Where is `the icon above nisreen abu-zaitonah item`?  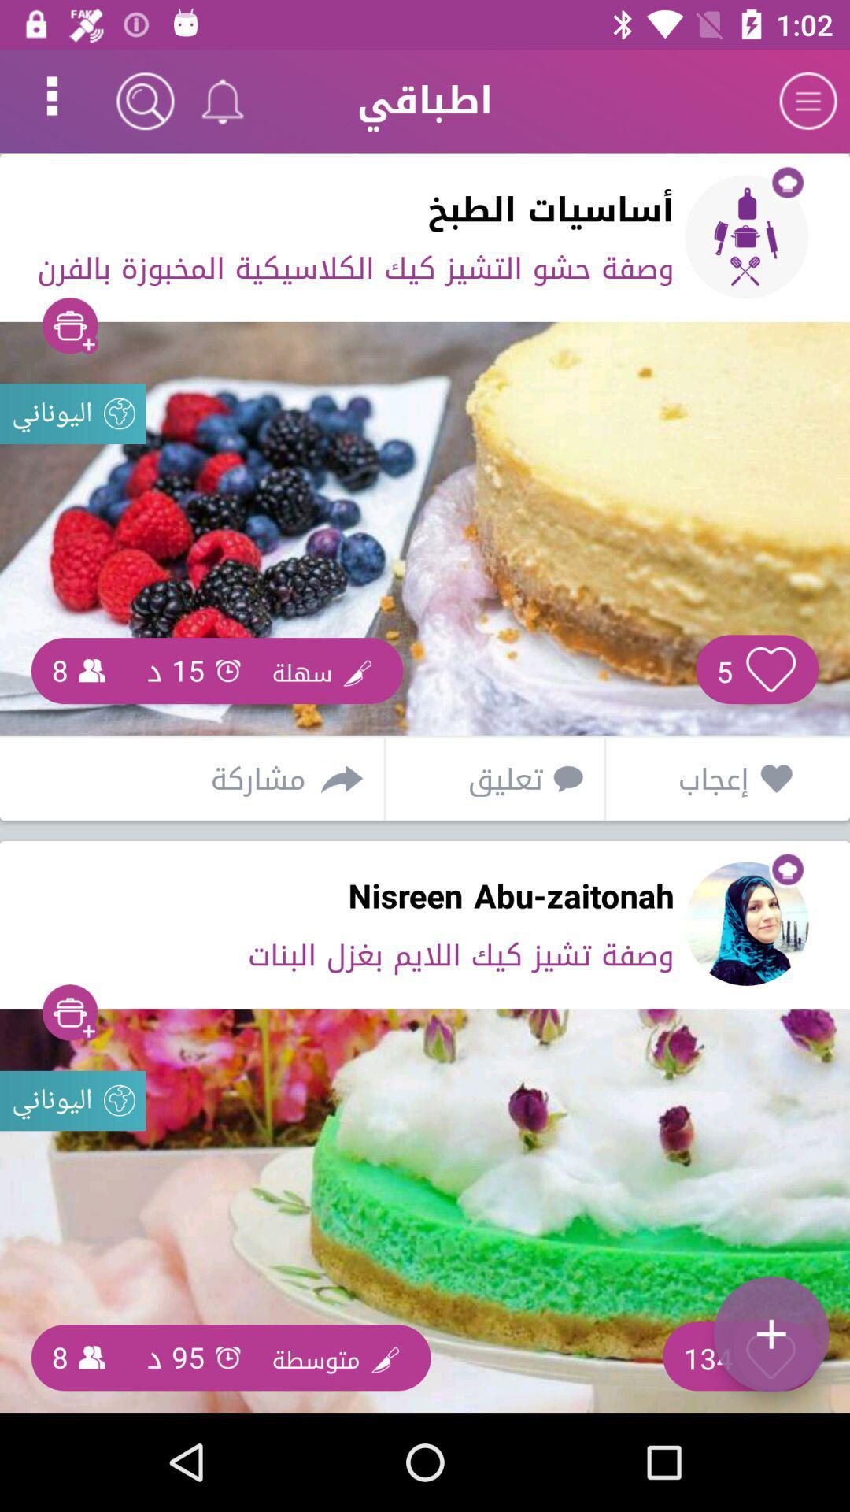 the icon above nisreen abu-zaitonah item is located at coordinates (215, 779).